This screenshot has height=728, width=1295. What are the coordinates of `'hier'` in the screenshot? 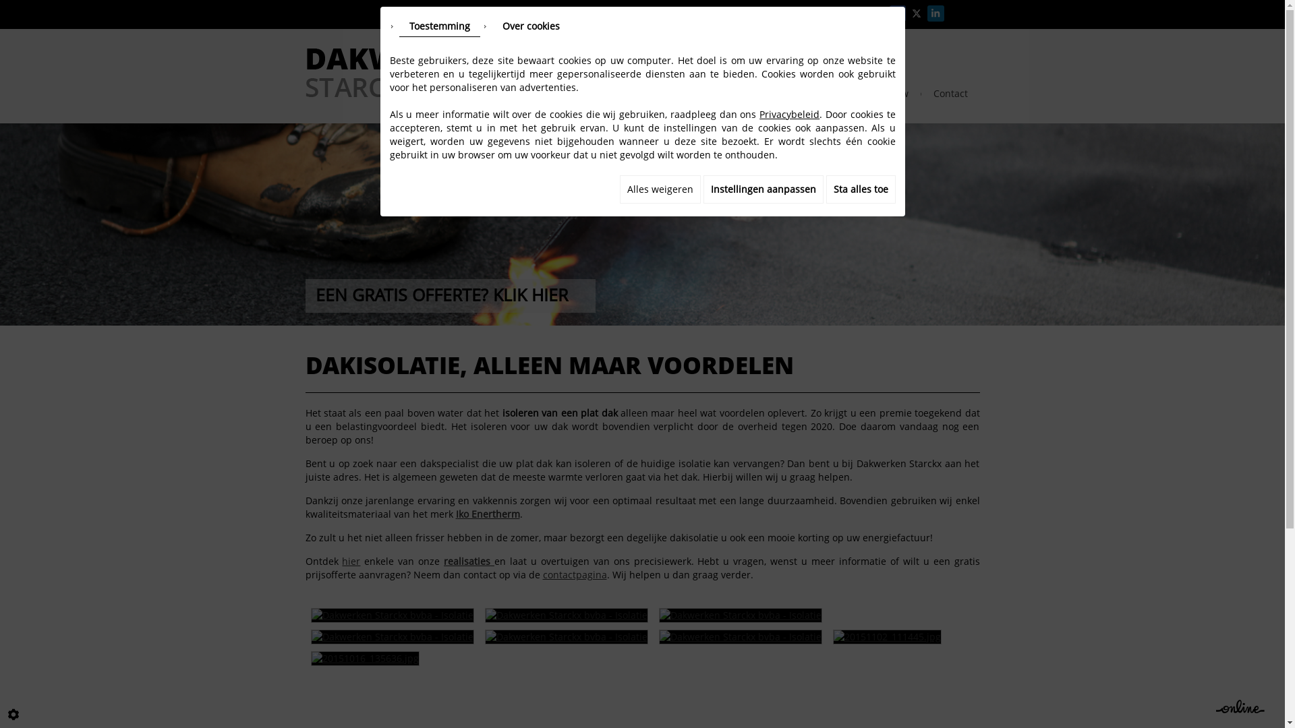 It's located at (351, 561).